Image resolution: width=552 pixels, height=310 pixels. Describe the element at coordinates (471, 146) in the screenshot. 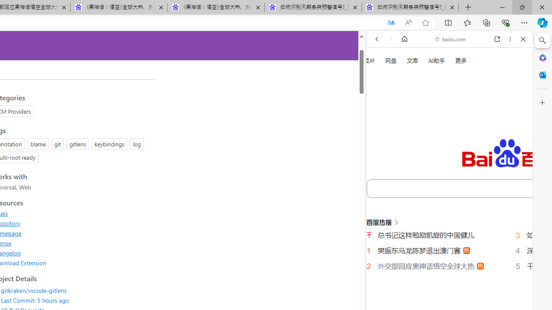

I see `'SEARCH TOOLS'` at that location.